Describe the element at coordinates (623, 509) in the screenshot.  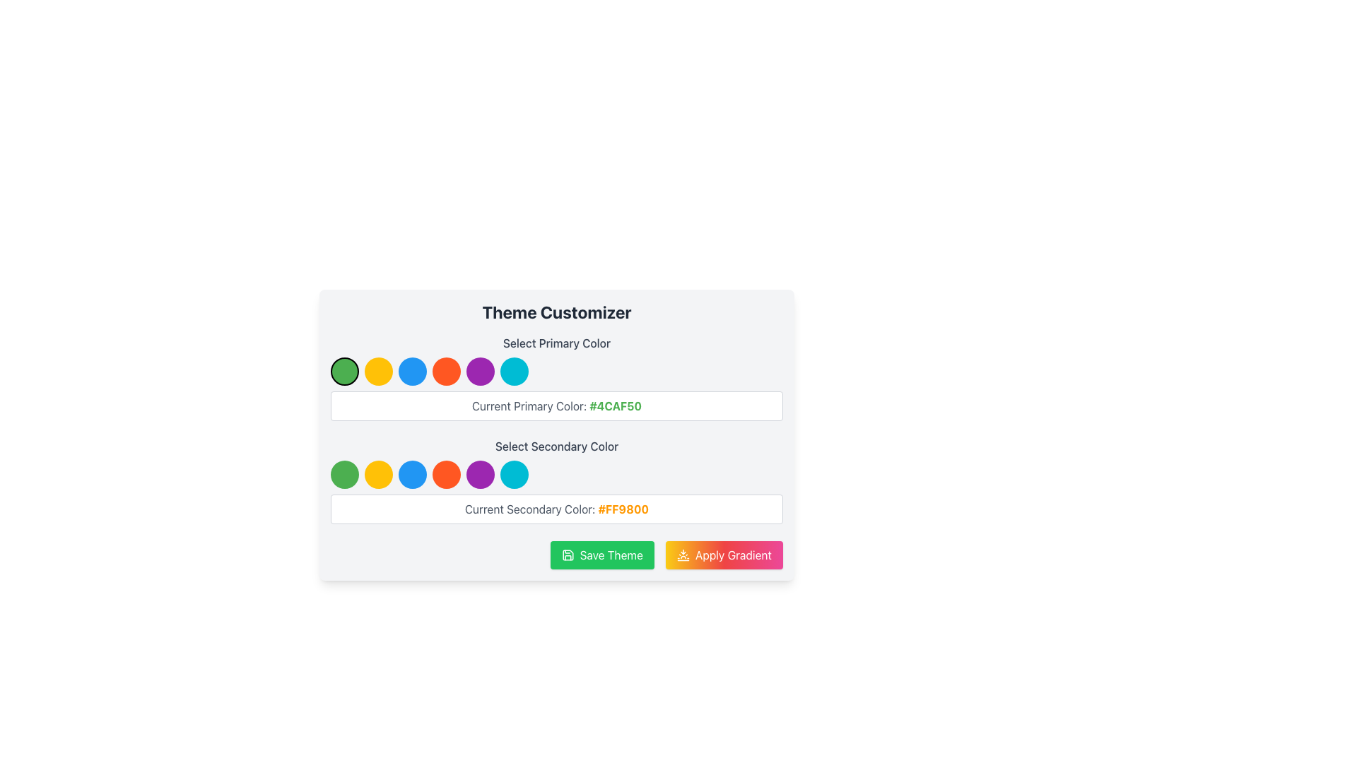
I see `the text label displaying the currently selected secondary color code in the theme customization UI, located to the right of 'Current Secondary Color:'` at that location.